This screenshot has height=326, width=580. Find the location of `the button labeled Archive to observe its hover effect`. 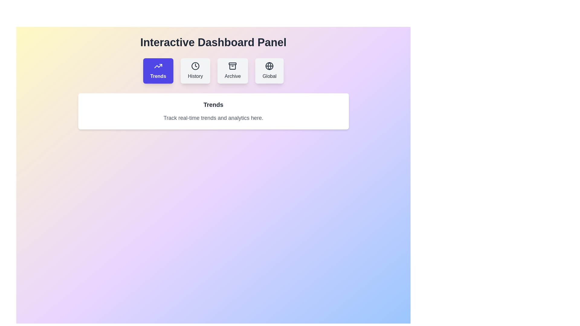

the button labeled Archive to observe its hover effect is located at coordinates (232, 71).